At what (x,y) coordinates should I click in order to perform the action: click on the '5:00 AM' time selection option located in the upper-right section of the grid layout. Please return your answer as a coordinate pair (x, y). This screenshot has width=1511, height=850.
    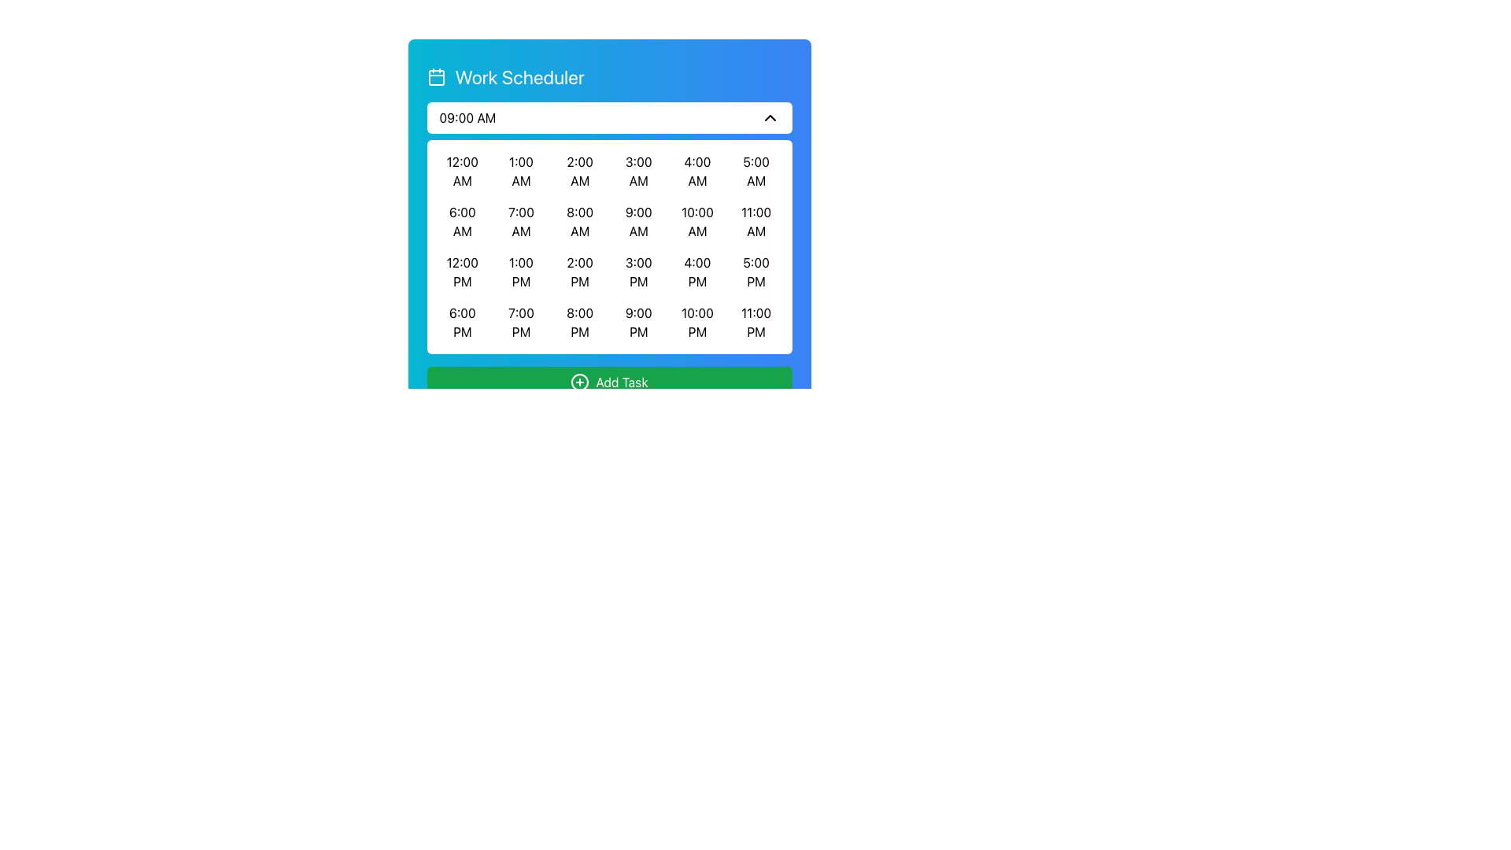
    Looking at the image, I should click on (756, 172).